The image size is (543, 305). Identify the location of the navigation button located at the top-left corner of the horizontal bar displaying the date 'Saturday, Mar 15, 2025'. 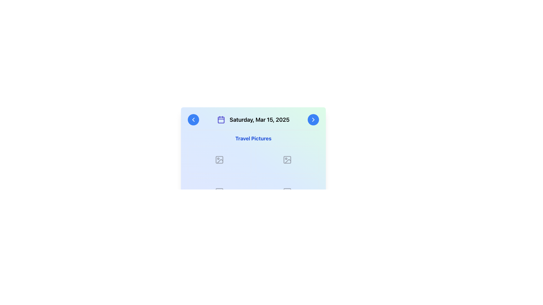
(193, 119).